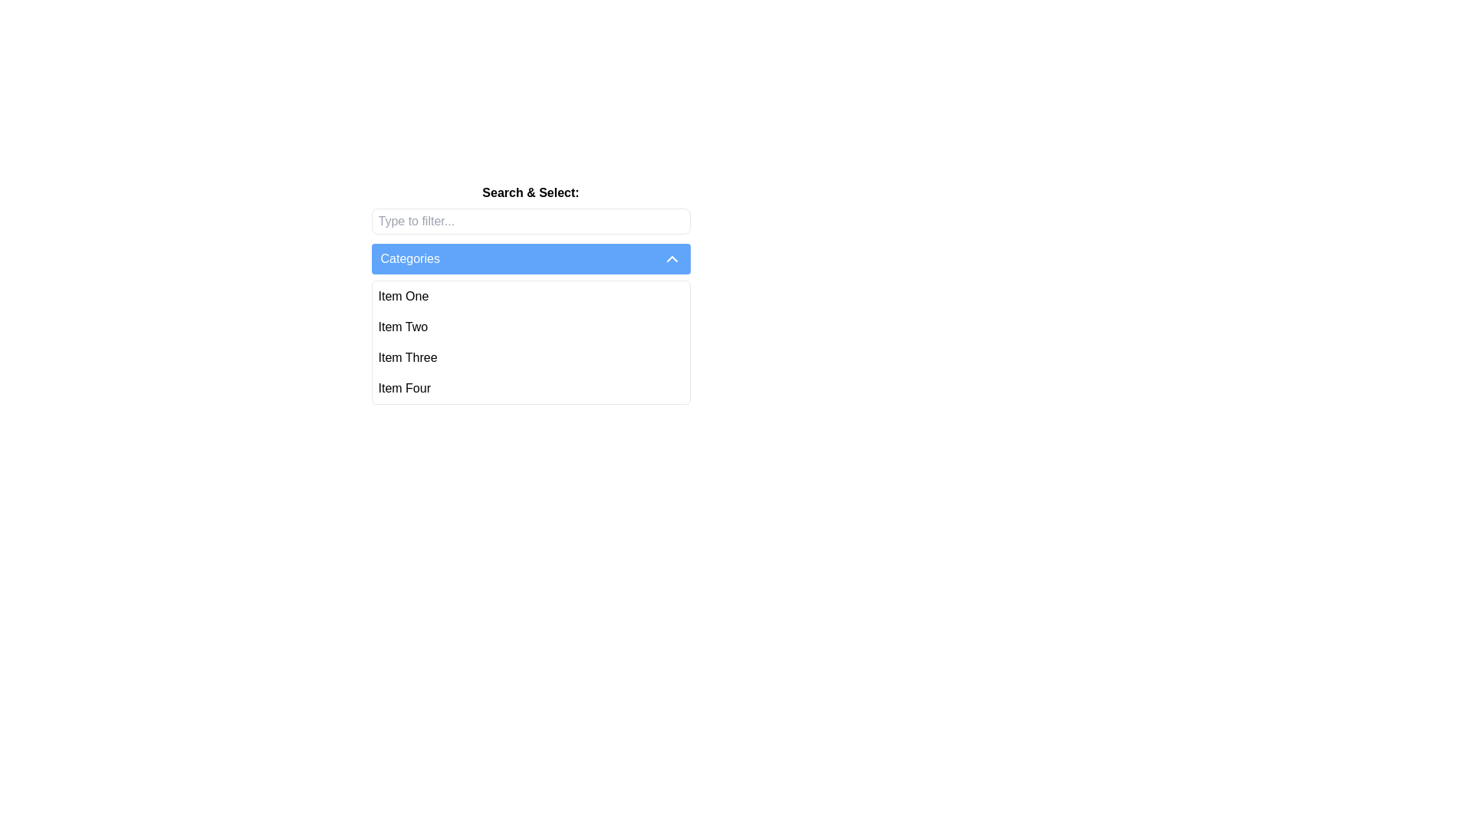 Image resolution: width=1472 pixels, height=828 pixels. I want to click on the fourth entry in the dropdown menu labeled 'Search & Select:', so click(531, 387).